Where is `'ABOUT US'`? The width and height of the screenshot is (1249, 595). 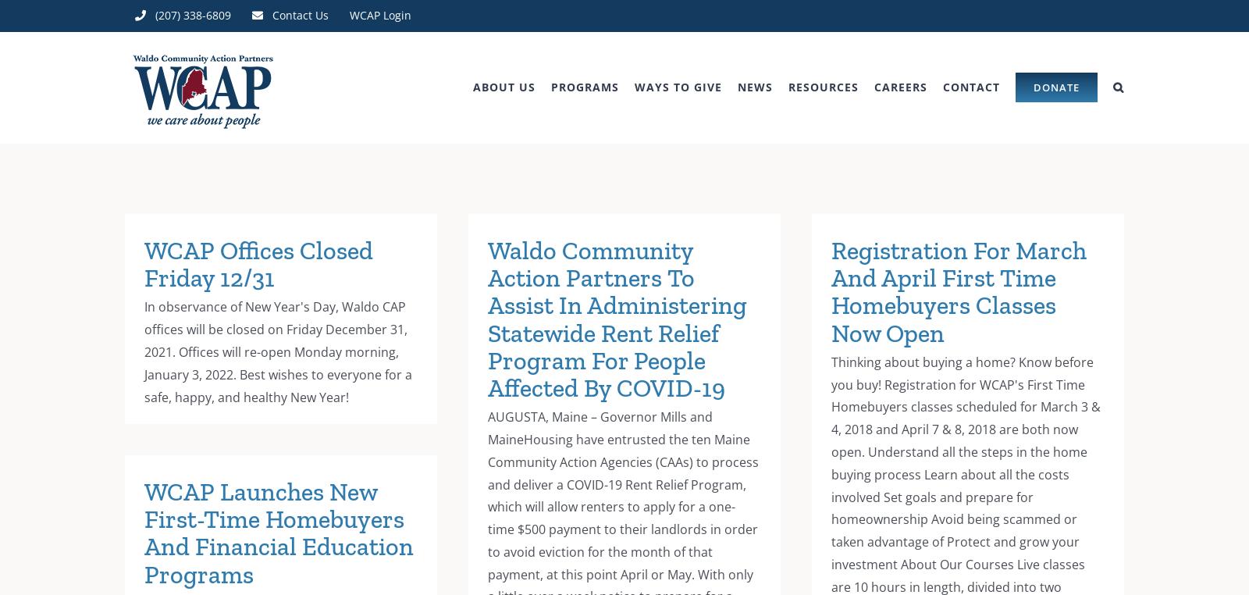
'ABOUT US' is located at coordinates (504, 90).